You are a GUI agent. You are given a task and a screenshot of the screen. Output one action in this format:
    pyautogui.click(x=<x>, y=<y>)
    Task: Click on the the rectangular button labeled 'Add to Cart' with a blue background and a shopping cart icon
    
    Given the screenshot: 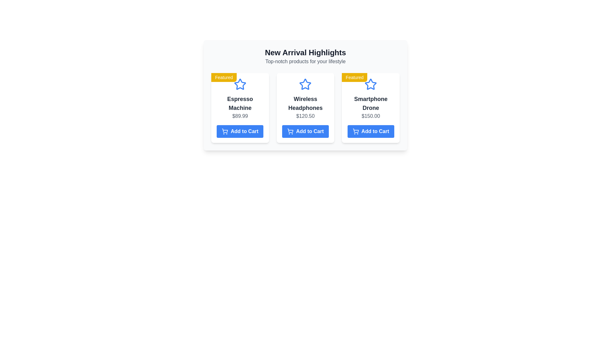 What is the action you would take?
    pyautogui.click(x=305, y=131)
    